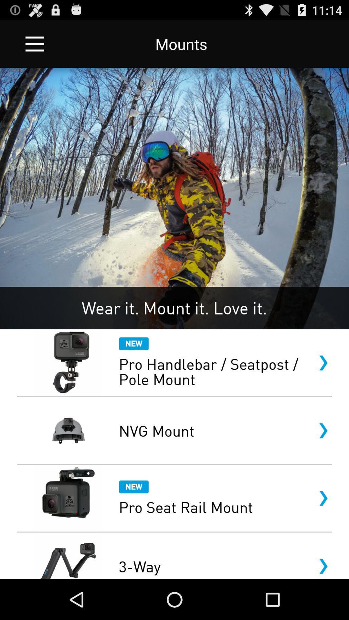 This screenshot has width=349, height=620. What do you see at coordinates (35, 44) in the screenshot?
I see `main menu` at bounding box center [35, 44].